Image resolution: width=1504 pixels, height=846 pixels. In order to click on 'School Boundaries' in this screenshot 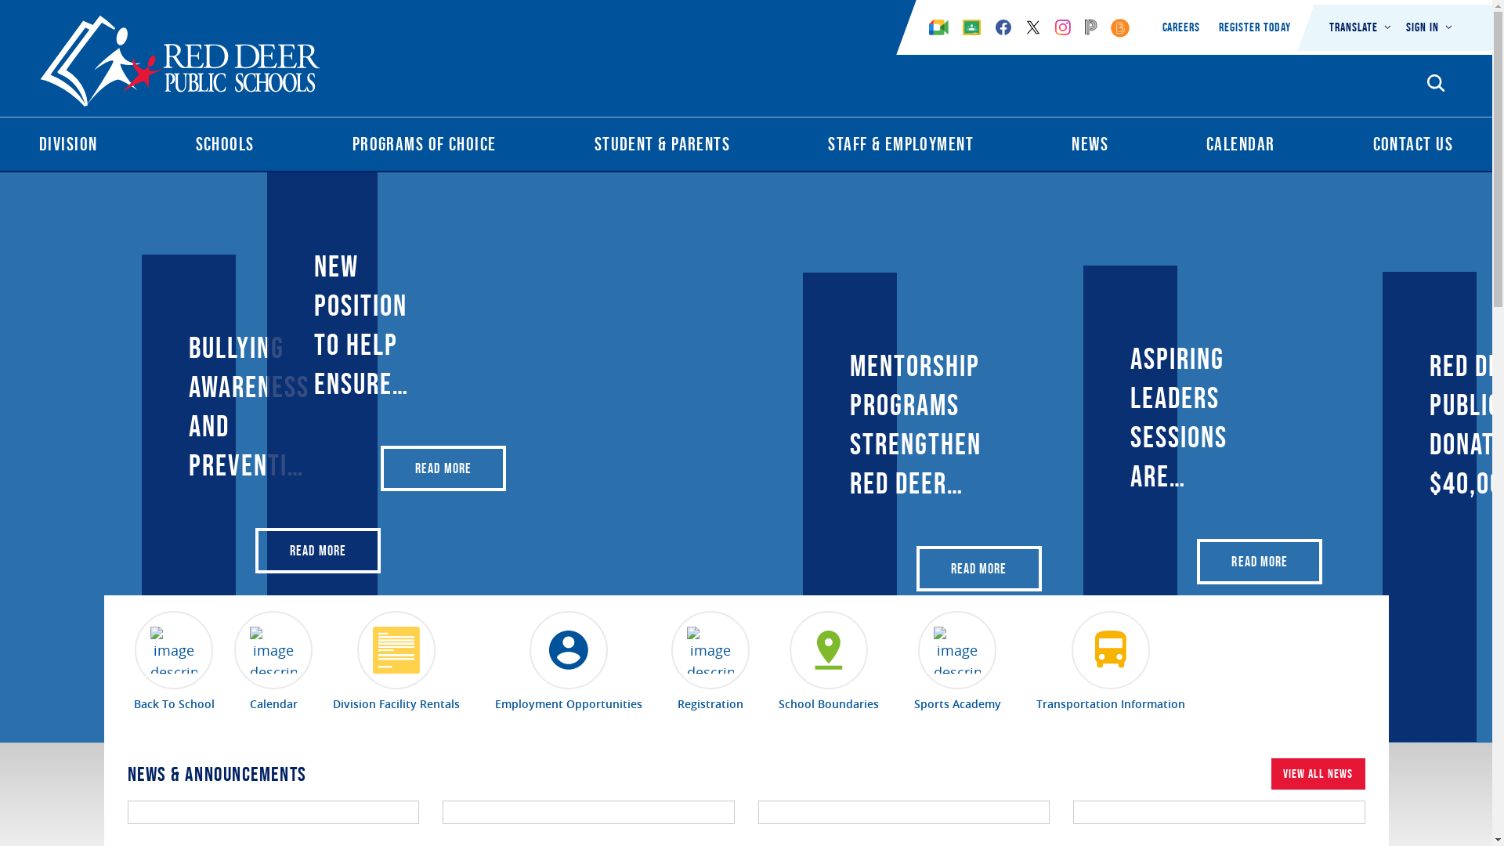, I will do `click(827, 661)`.